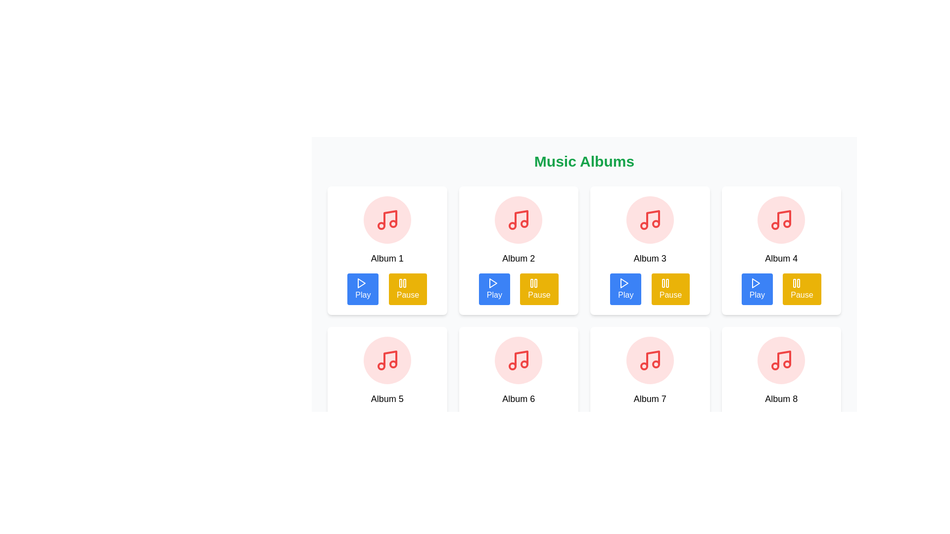 The width and height of the screenshot is (950, 534). What do you see at coordinates (784, 358) in the screenshot?
I see `the music album icon located in the bottom right corner of the eighth album's card in the album grid` at bounding box center [784, 358].